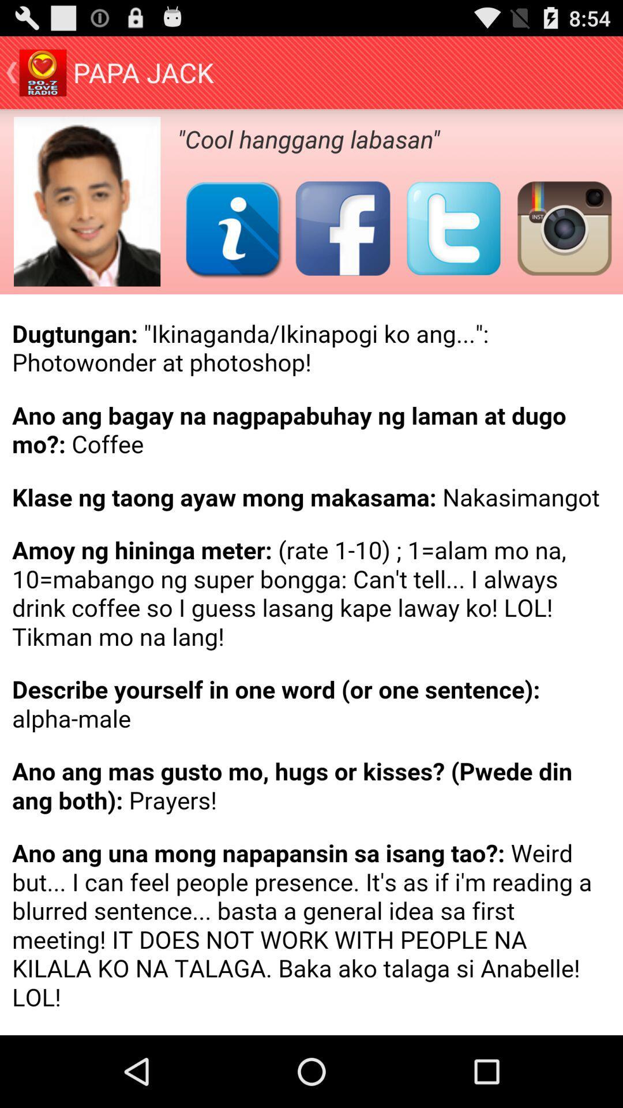 The image size is (623, 1108). What do you see at coordinates (342, 244) in the screenshot?
I see `the facebook icon` at bounding box center [342, 244].